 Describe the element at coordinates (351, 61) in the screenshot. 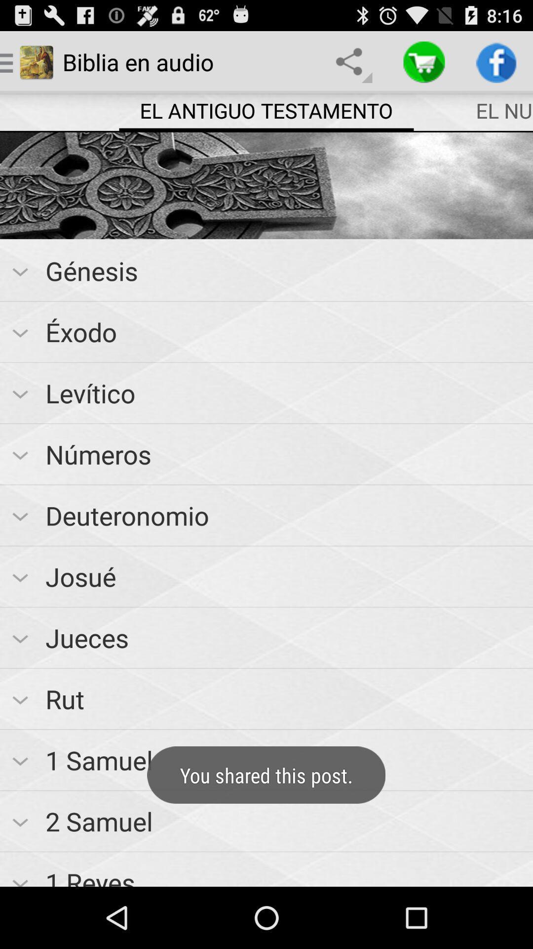

I see `item next to biblia en audio item` at that location.